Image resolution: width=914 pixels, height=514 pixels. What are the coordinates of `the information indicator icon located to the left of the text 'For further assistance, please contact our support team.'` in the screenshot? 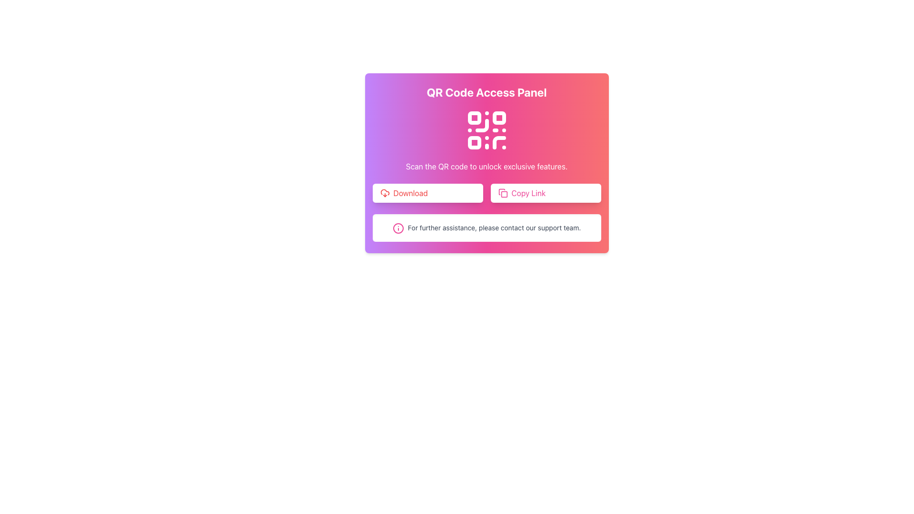 It's located at (398, 228).